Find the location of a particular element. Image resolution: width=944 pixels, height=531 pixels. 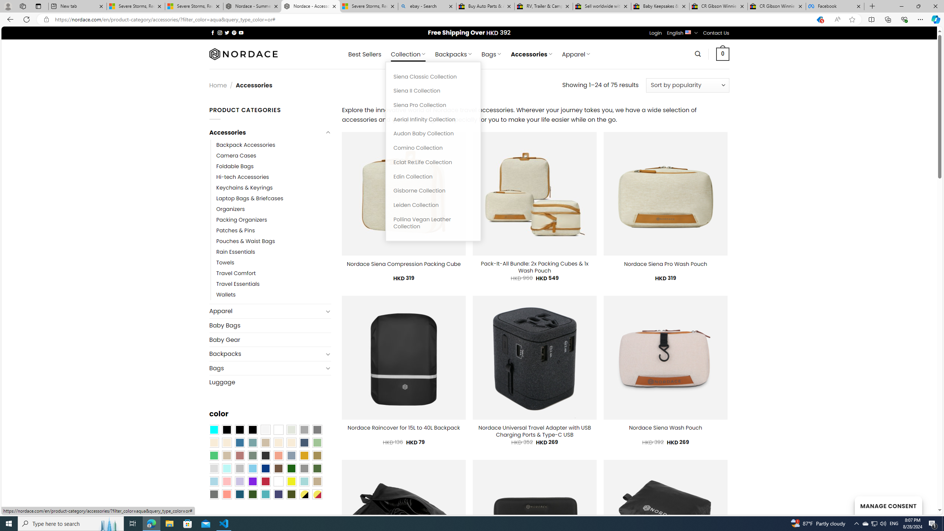

'Dull Nickle' is located at coordinates (213, 494).